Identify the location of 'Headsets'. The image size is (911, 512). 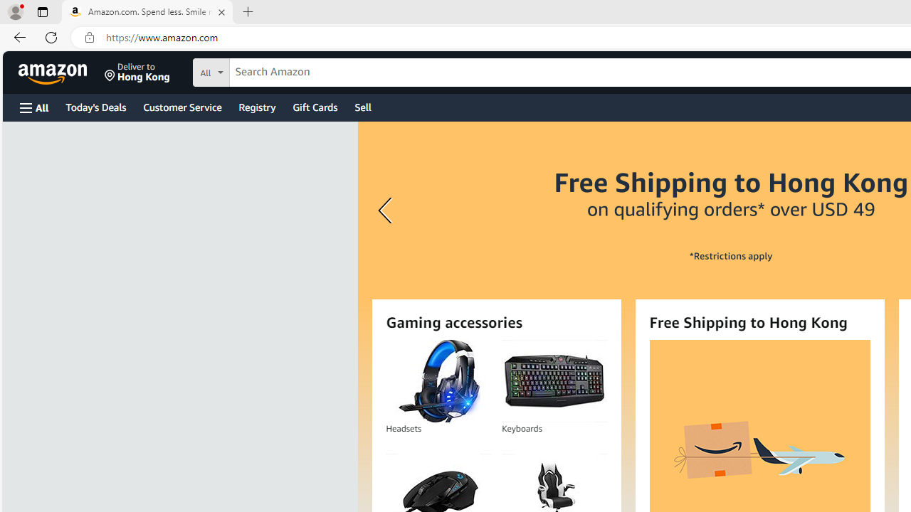
(438, 380).